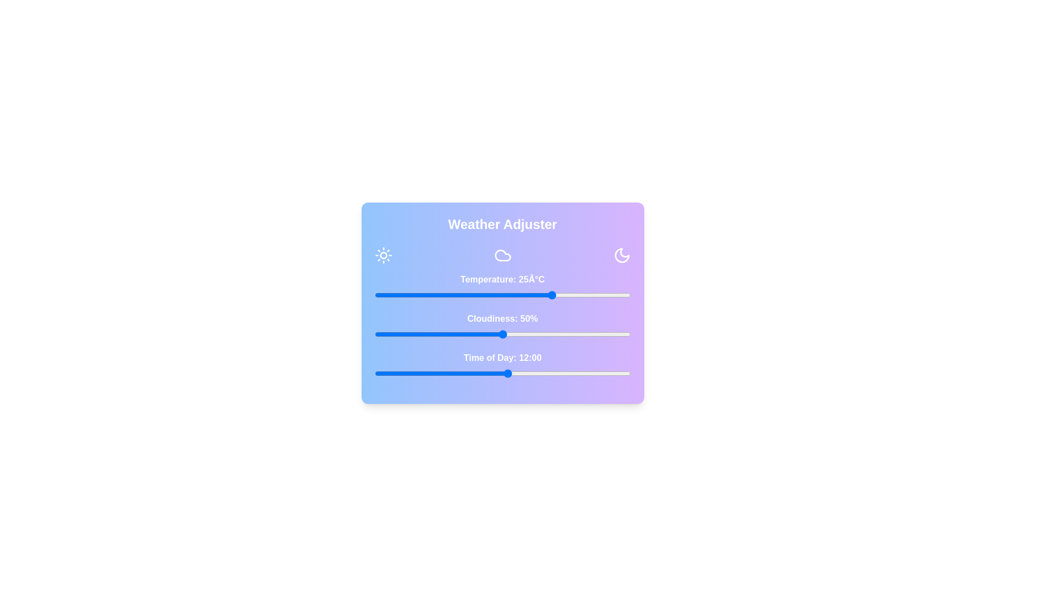 This screenshot has height=596, width=1060. I want to click on the slider control labeled 'Temperature: 25°C', so click(502, 288).